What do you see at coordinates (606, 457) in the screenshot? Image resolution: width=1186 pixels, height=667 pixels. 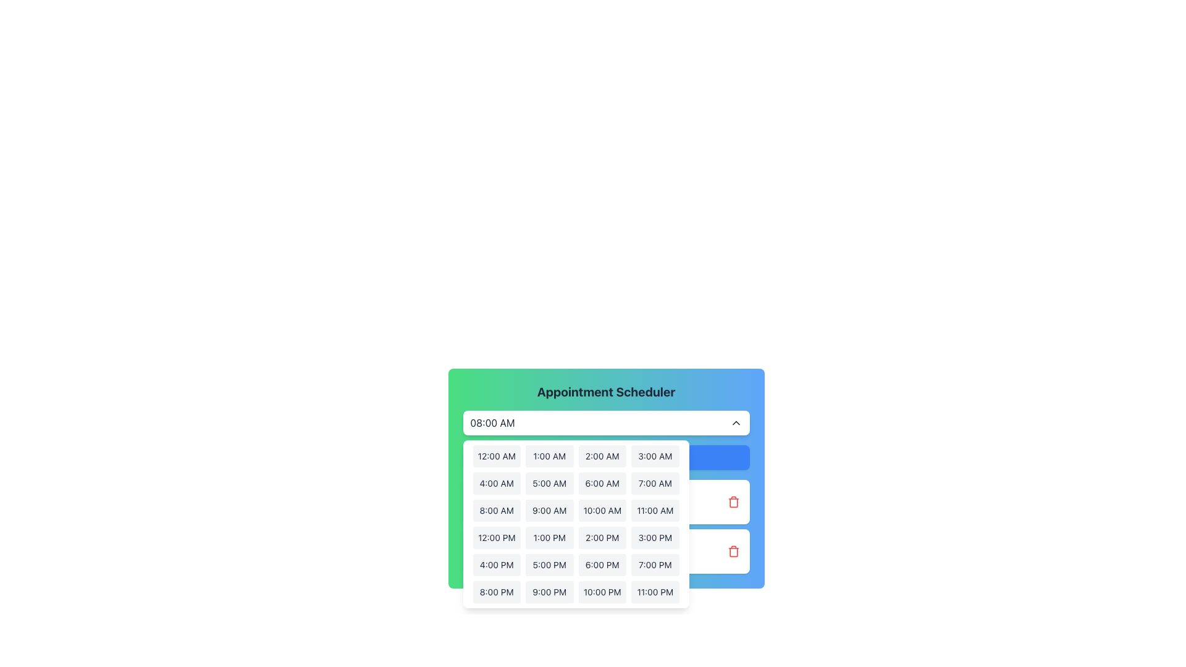 I see `keyboard navigation` at bounding box center [606, 457].